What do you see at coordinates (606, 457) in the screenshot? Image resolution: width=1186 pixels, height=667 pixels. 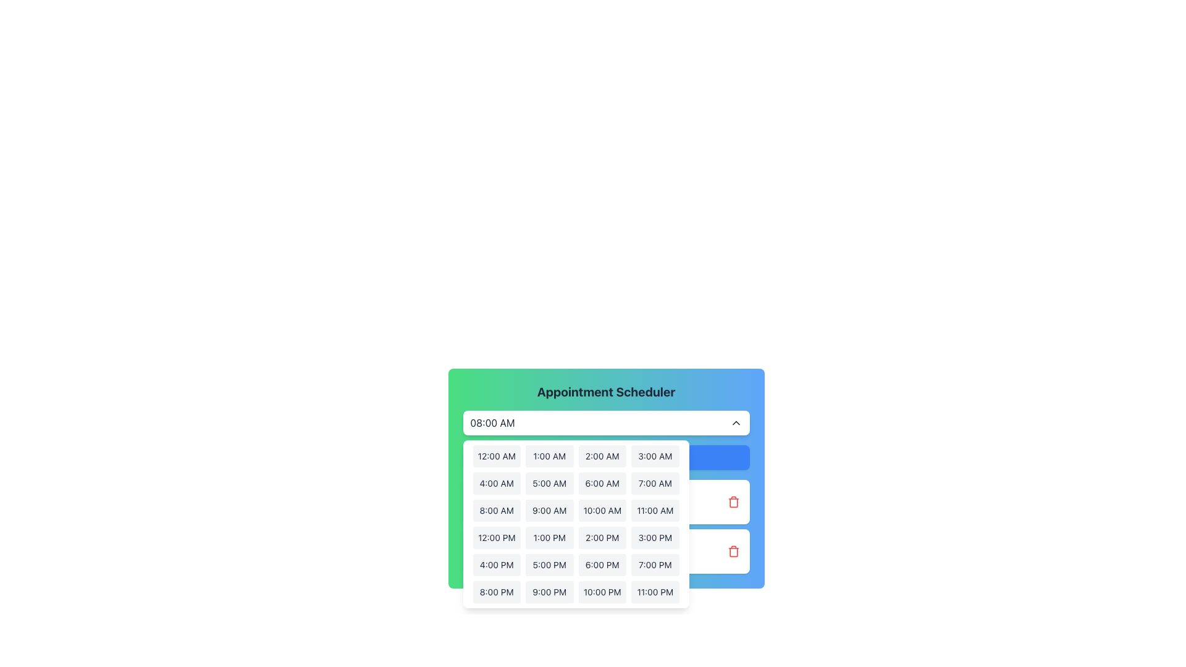 I see `keyboard navigation` at bounding box center [606, 457].